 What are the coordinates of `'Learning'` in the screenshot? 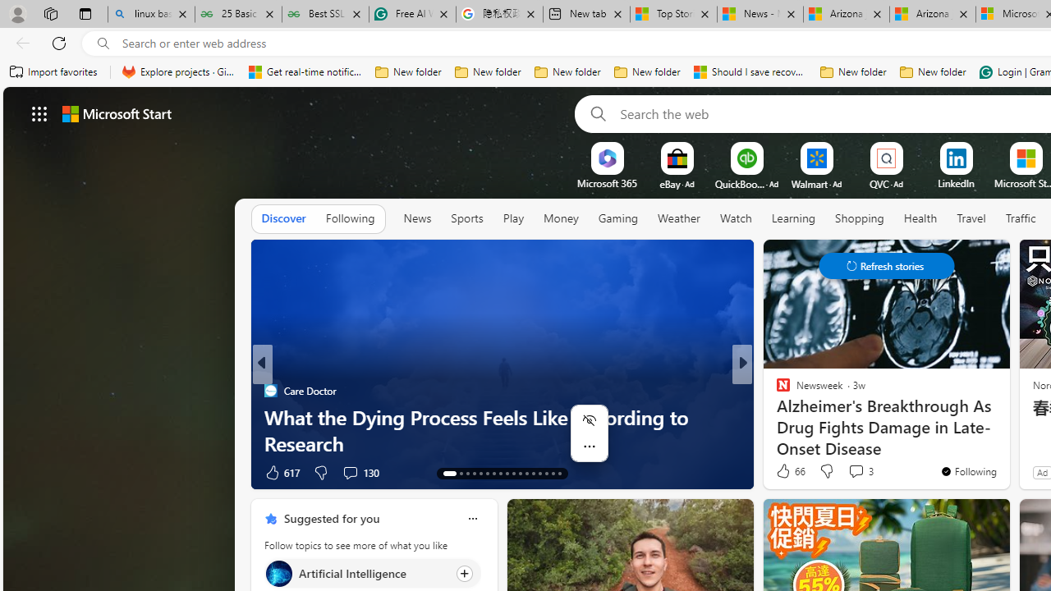 It's located at (793, 218).